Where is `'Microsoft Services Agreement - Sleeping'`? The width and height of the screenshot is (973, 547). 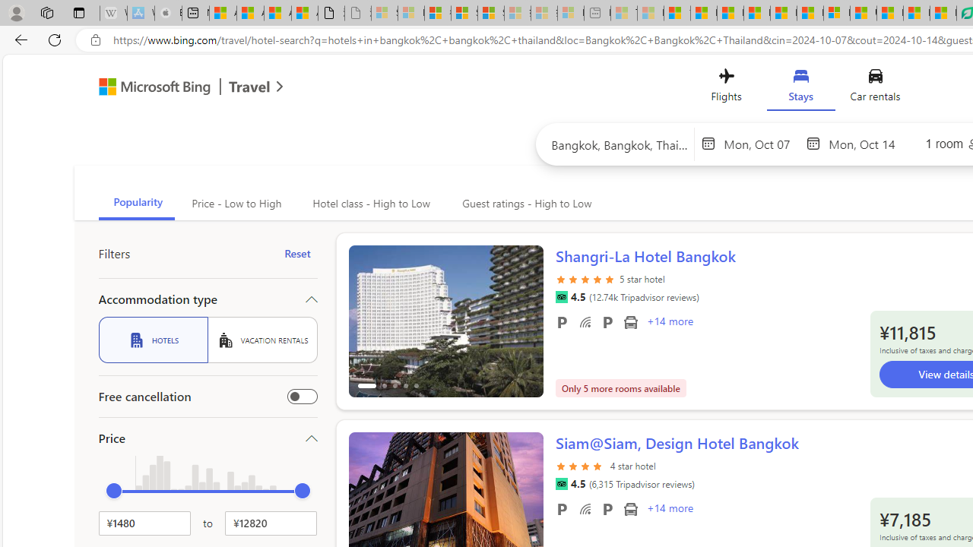 'Microsoft Services Agreement - Sleeping' is located at coordinates (410, 13).